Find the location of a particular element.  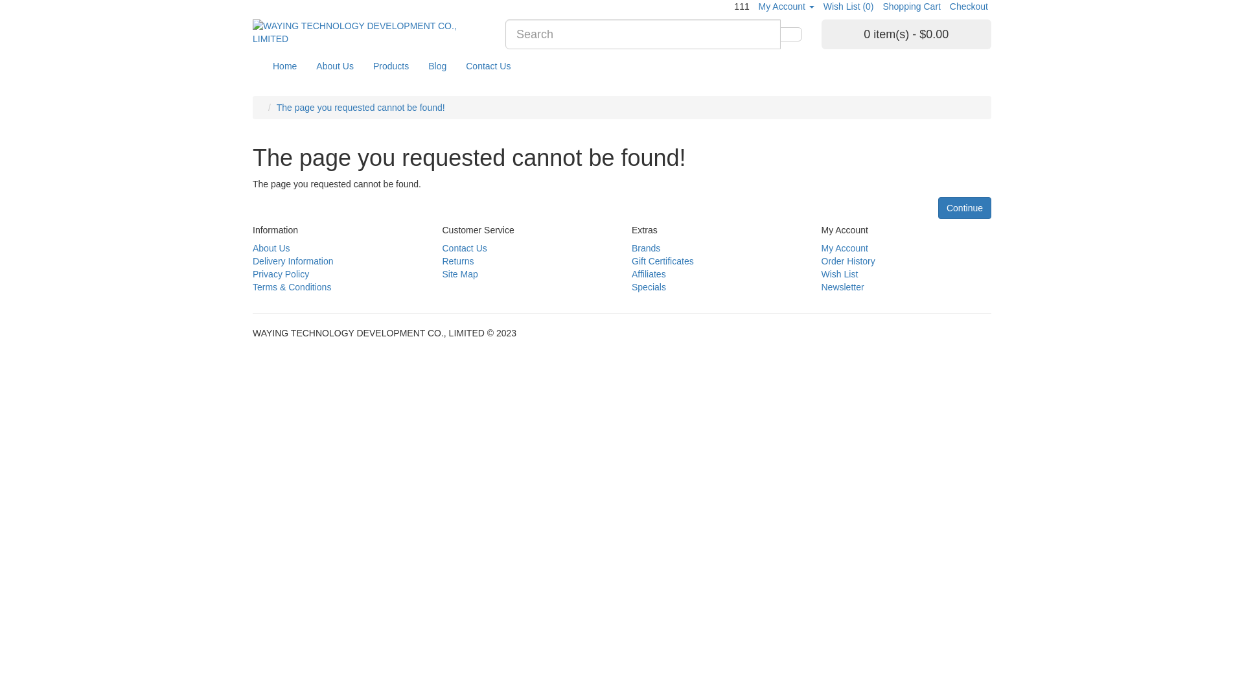

'My Account' is located at coordinates (786, 6).